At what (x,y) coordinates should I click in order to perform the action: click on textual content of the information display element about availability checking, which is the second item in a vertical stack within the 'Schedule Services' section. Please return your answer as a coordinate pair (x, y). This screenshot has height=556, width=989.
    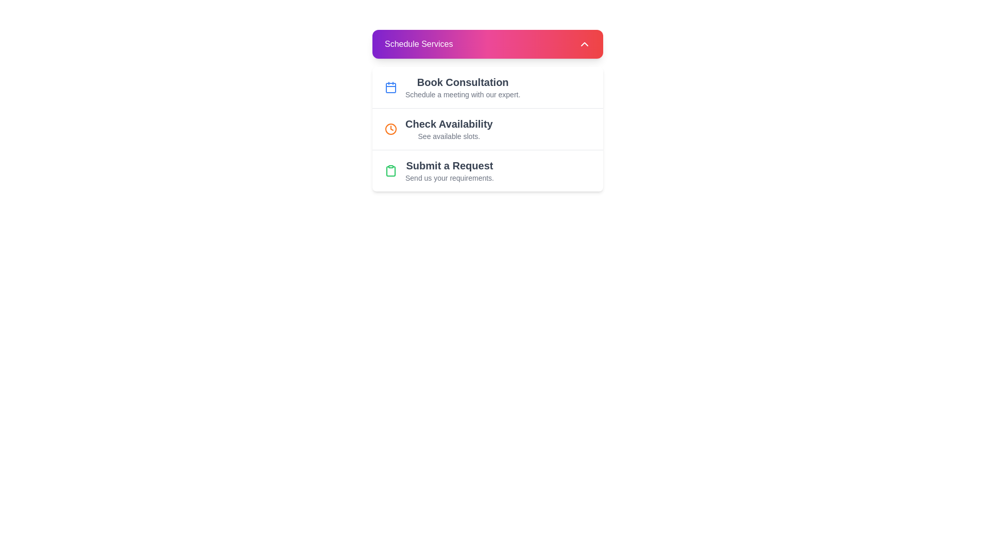
    Looking at the image, I should click on (449, 128).